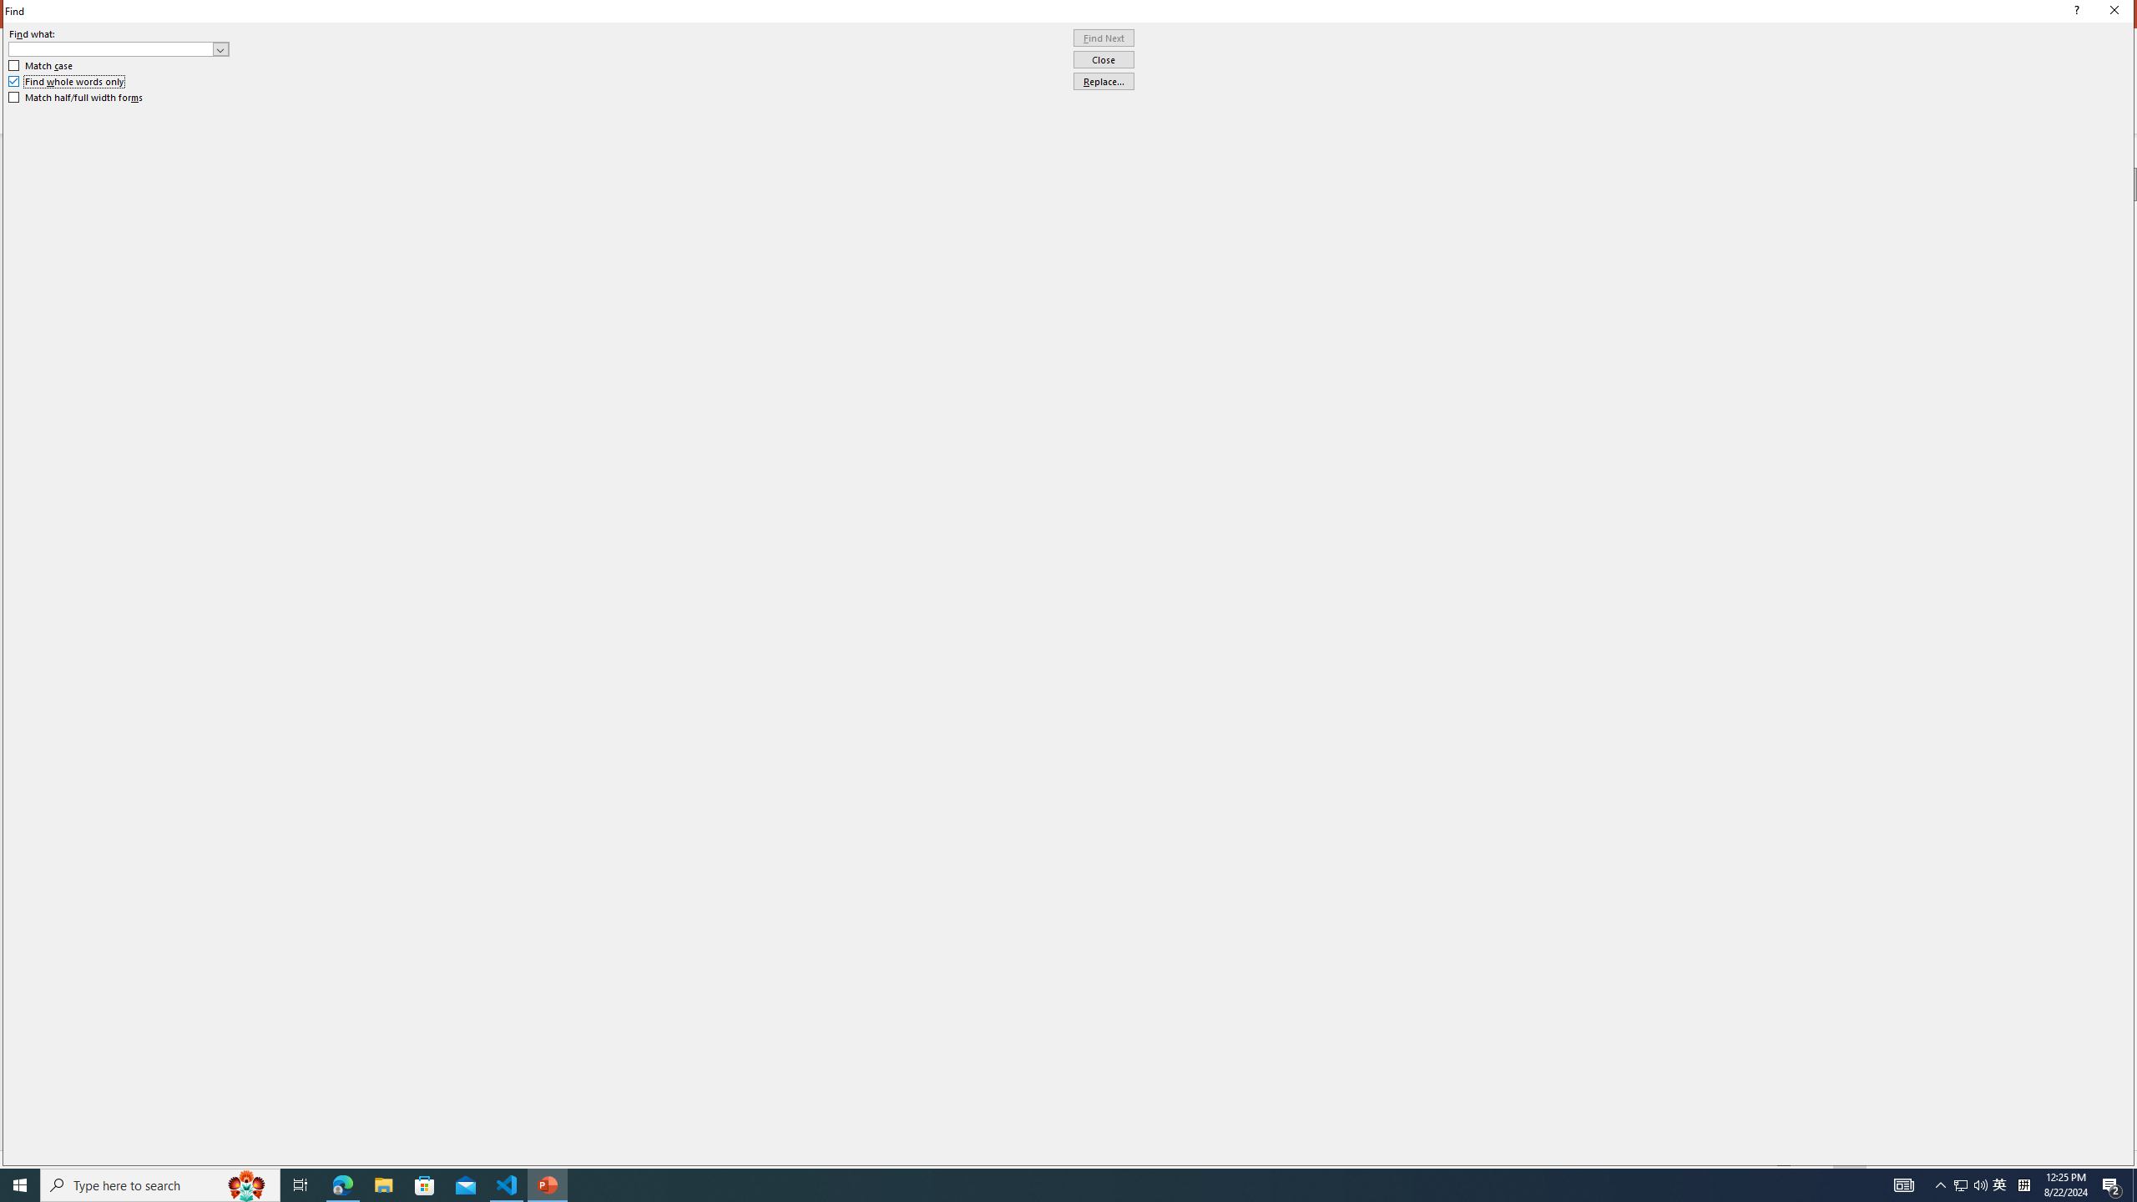 The width and height of the screenshot is (2137, 1202). What do you see at coordinates (111, 48) in the screenshot?
I see `'Find what'` at bounding box center [111, 48].